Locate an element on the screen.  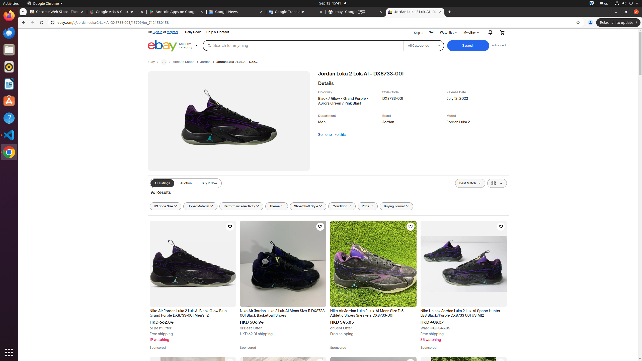
'Nike Air Jordan Luka 2 Luk.Al Black Glow Blue Grand Purple DX8733-001 Men' is located at coordinates (192, 313).